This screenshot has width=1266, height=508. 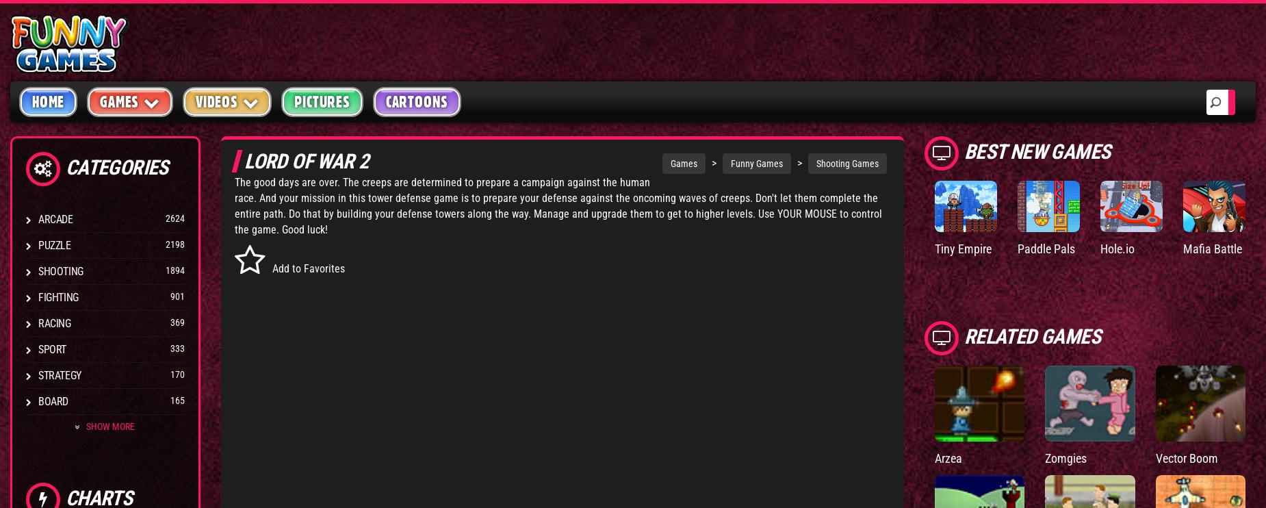 What do you see at coordinates (1100, 249) in the screenshot?
I see `'Hole.io'` at bounding box center [1100, 249].